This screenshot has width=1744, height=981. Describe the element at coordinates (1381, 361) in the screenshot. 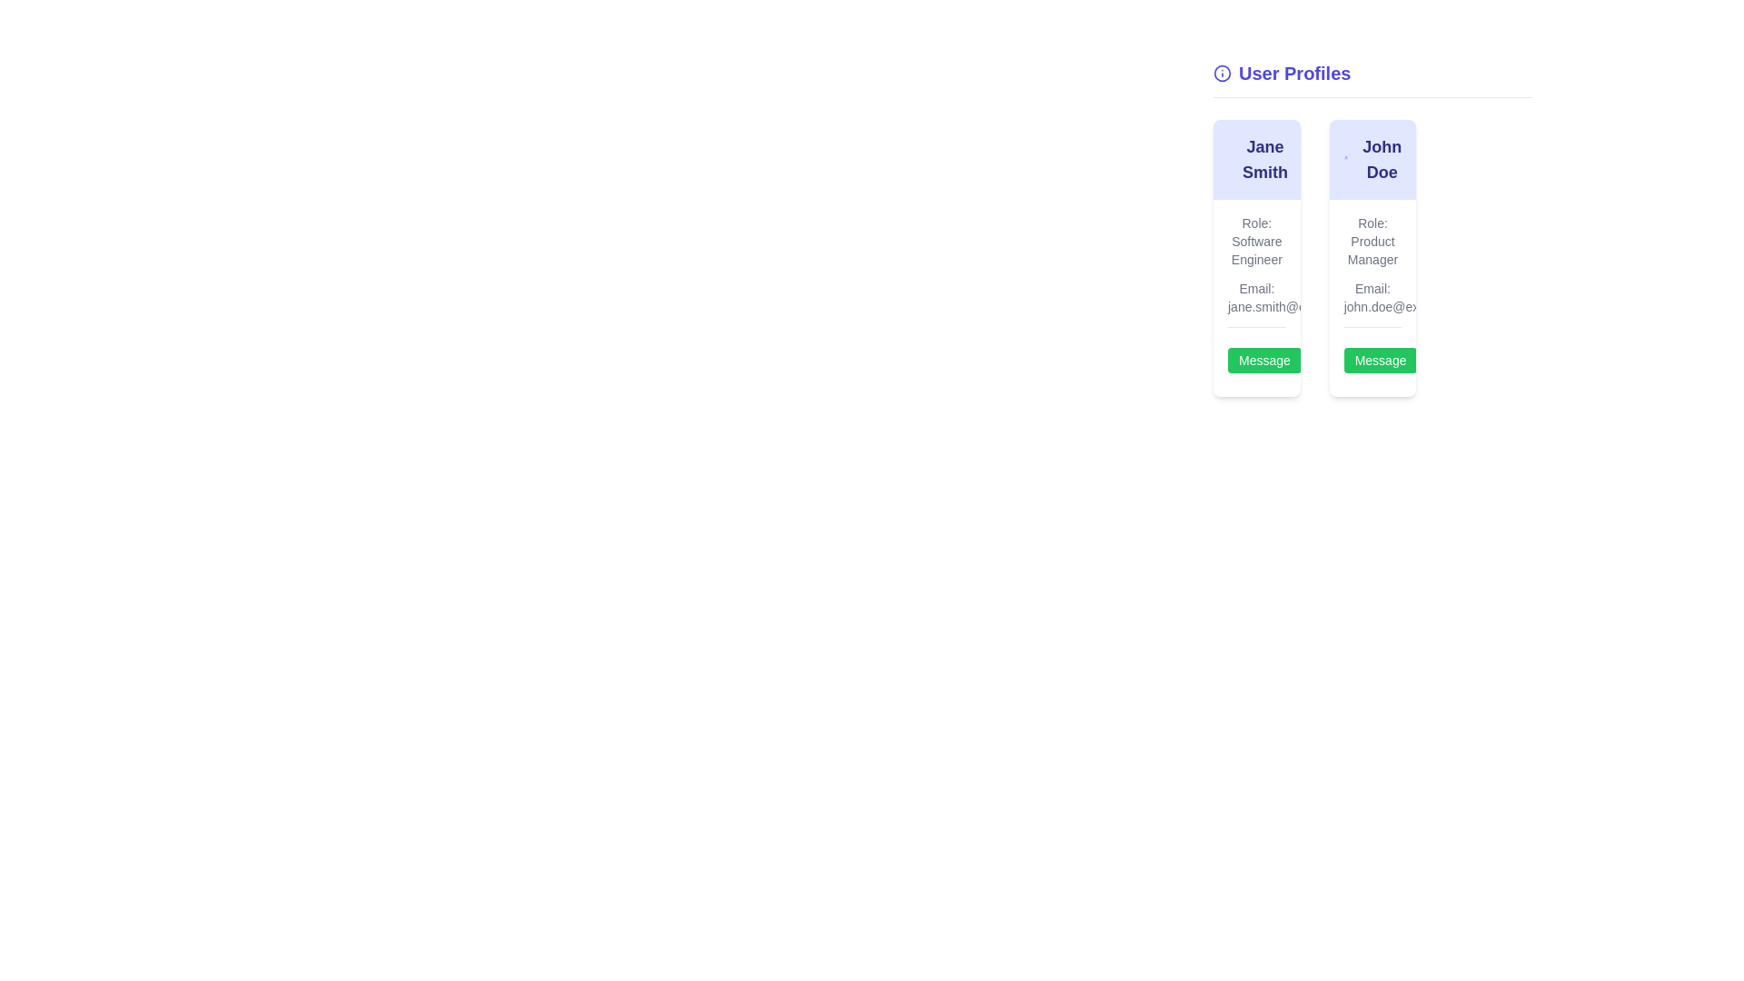

I see `the green rectangular button labeled 'Message' located at the bottom section of John Doe's user card on the right-hand side of the interface` at that location.